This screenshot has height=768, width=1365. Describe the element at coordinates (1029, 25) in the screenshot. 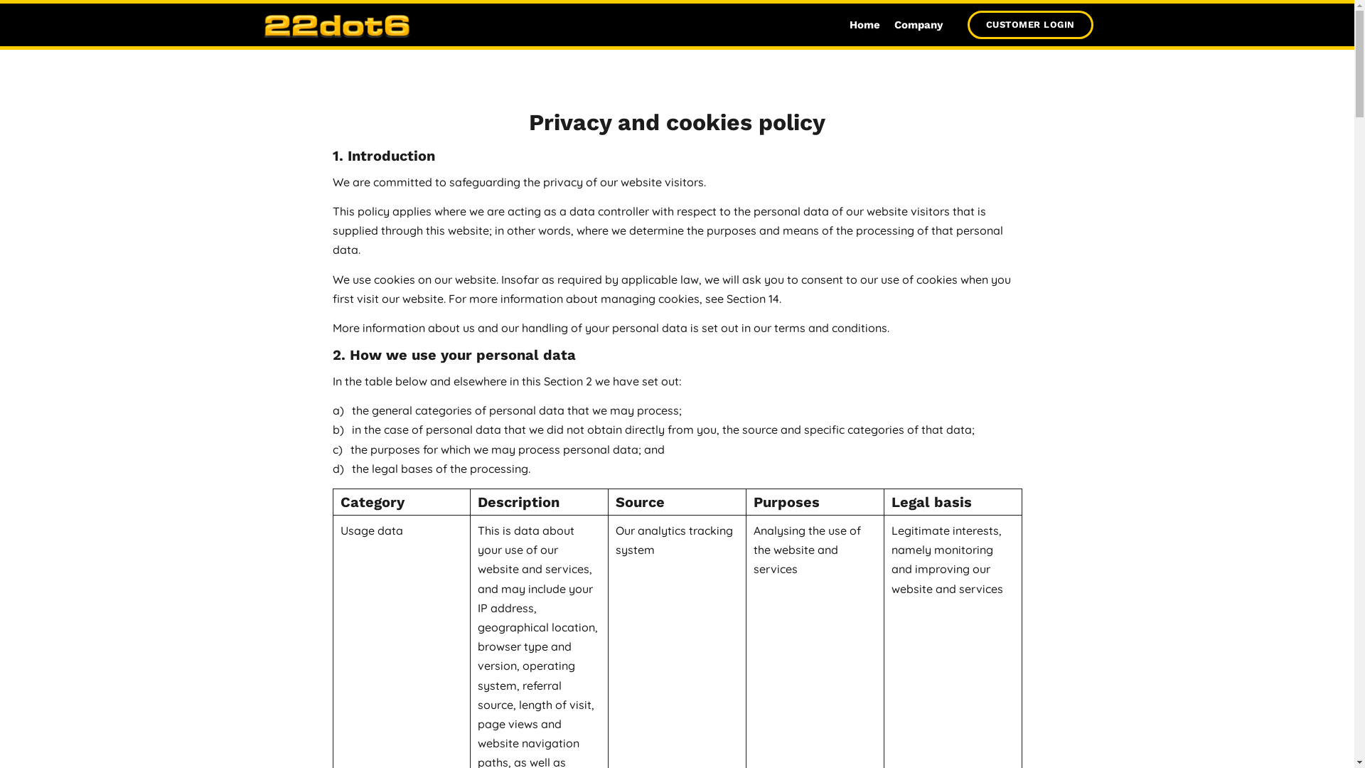

I see `'CUSTOMER LOGIN'` at that location.